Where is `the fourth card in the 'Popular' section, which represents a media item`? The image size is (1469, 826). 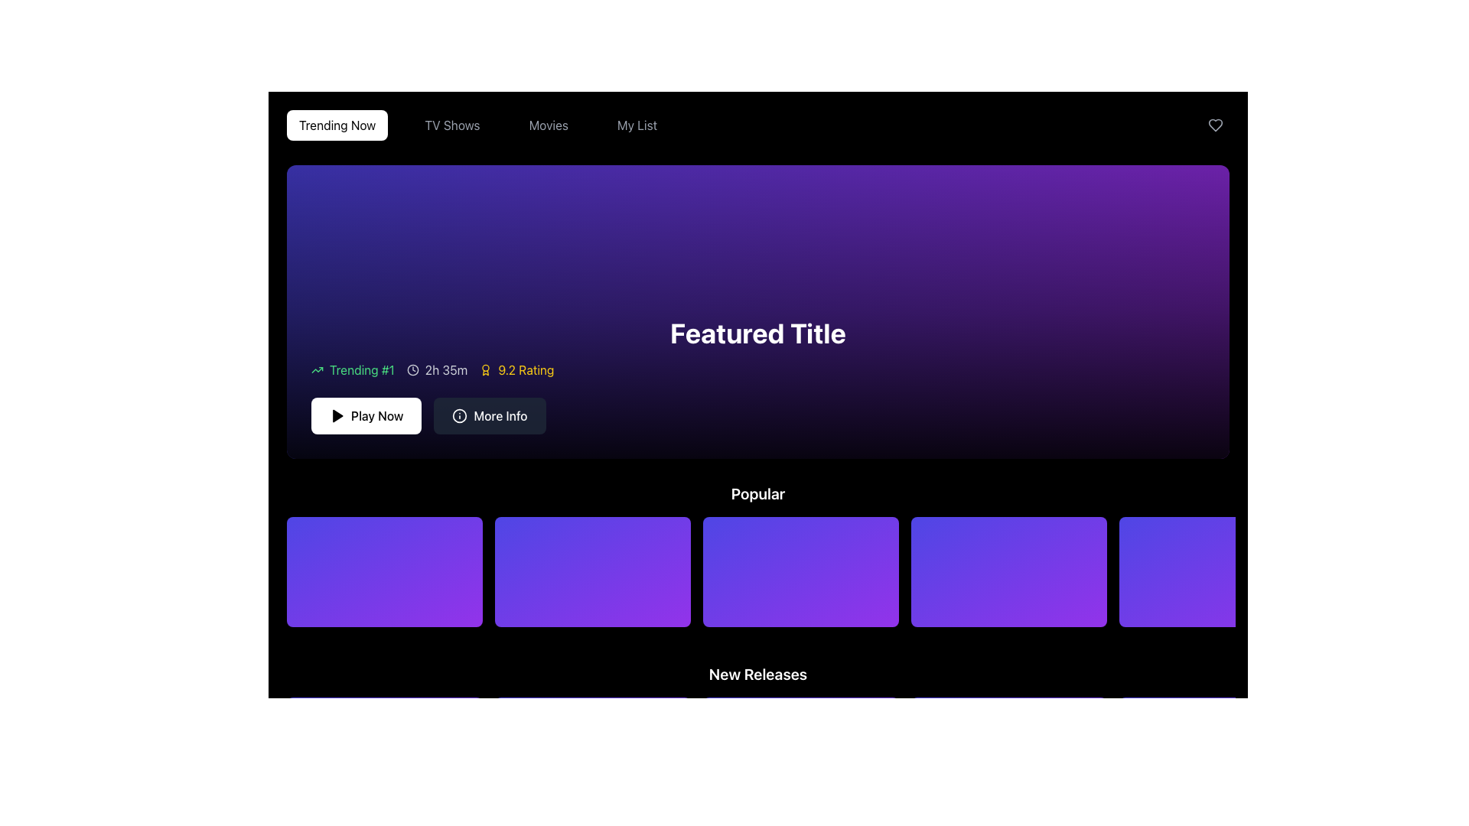 the fourth card in the 'Popular' section, which represents a media item is located at coordinates (1009, 572).